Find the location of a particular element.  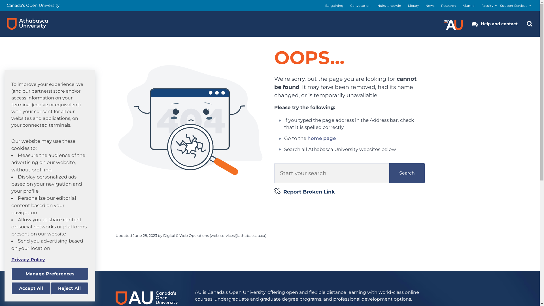

'Manage Preferences' is located at coordinates (50, 274).